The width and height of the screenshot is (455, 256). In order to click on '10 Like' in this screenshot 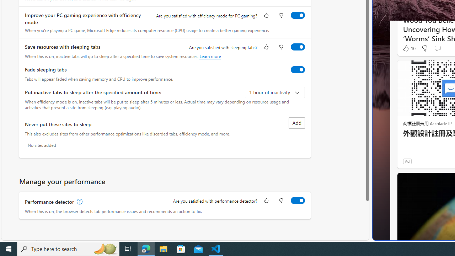, I will do `click(409, 48)`.